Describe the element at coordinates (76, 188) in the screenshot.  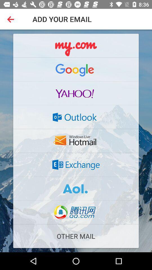
I see `email option` at that location.